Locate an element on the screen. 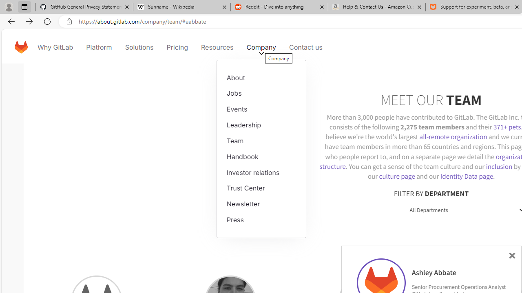 The height and width of the screenshot is (293, 522). 'Pricing' is located at coordinates (176, 47).